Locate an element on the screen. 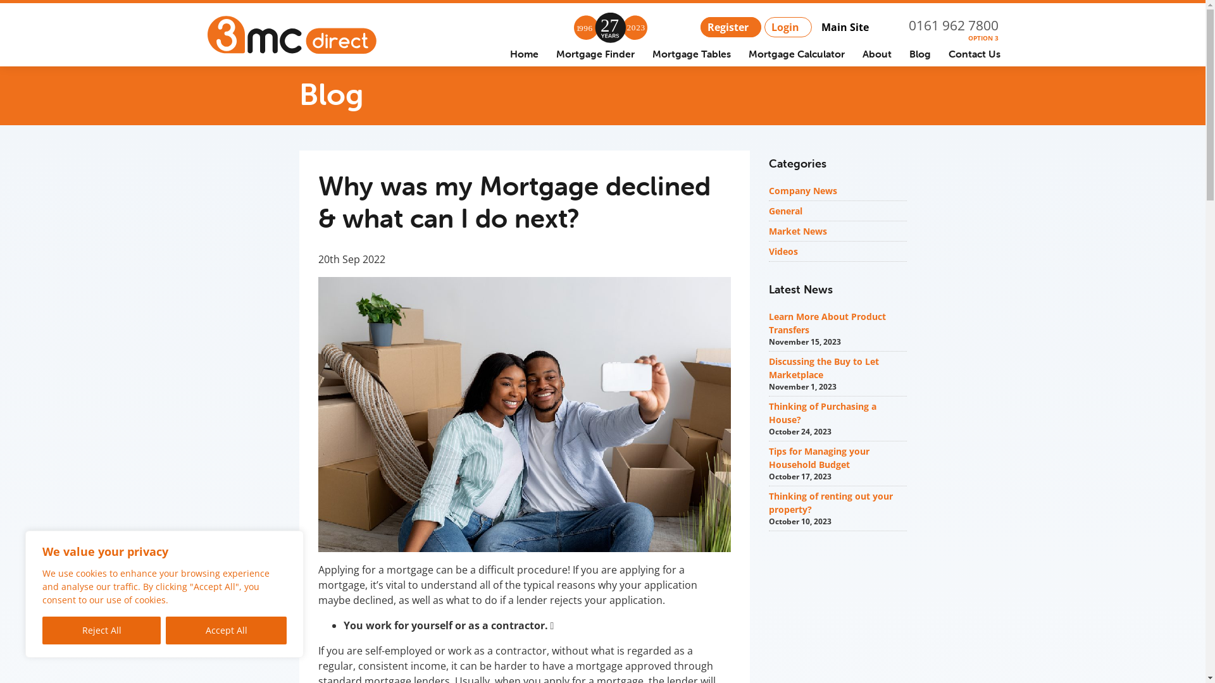 Image resolution: width=1215 pixels, height=683 pixels. 'Blog' is located at coordinates (919, 52).